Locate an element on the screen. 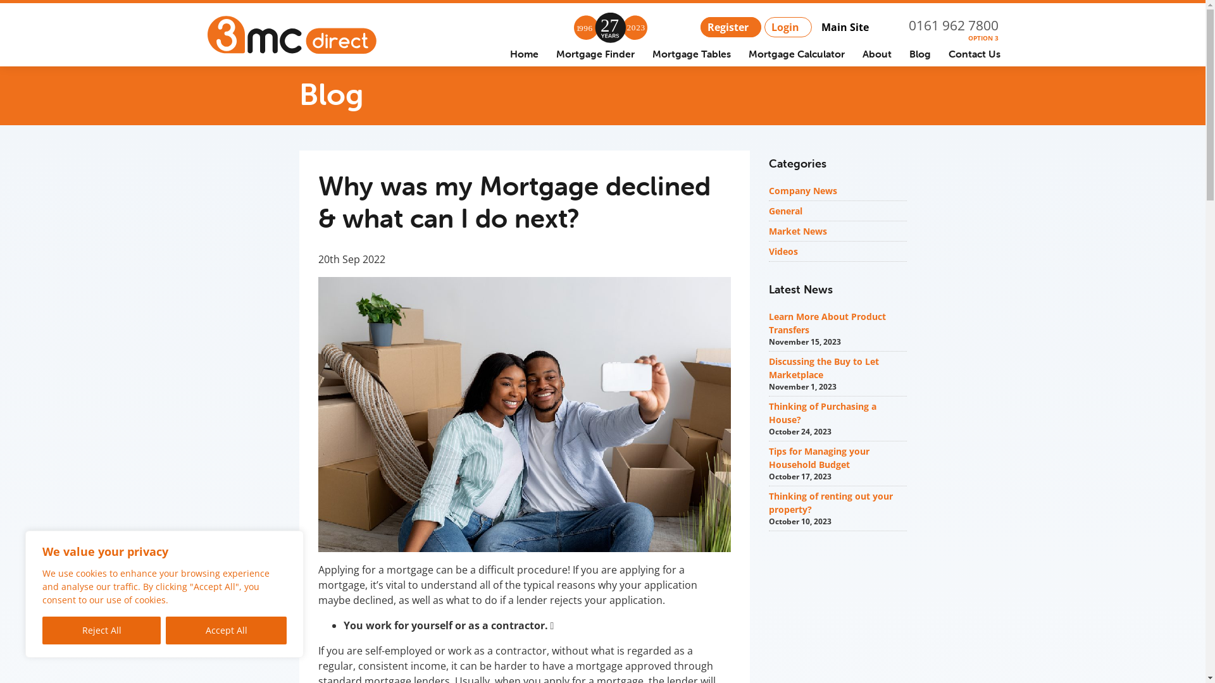 Image resolution: width=1215 pixels, height=683 pixels. 'Blog' is located at coordinates (919, 52).